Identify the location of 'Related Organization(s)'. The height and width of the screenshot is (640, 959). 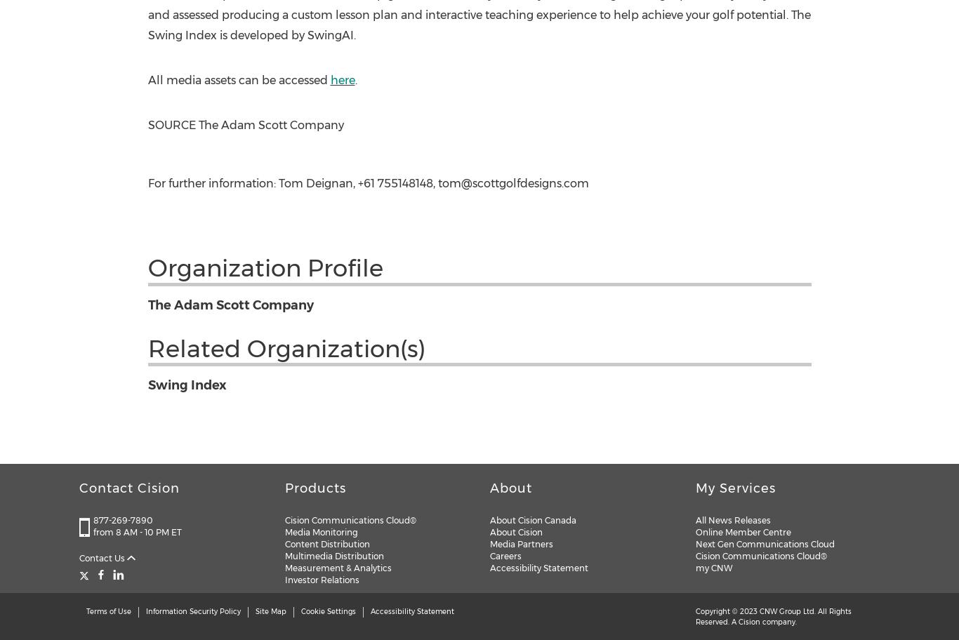
(285, 347).